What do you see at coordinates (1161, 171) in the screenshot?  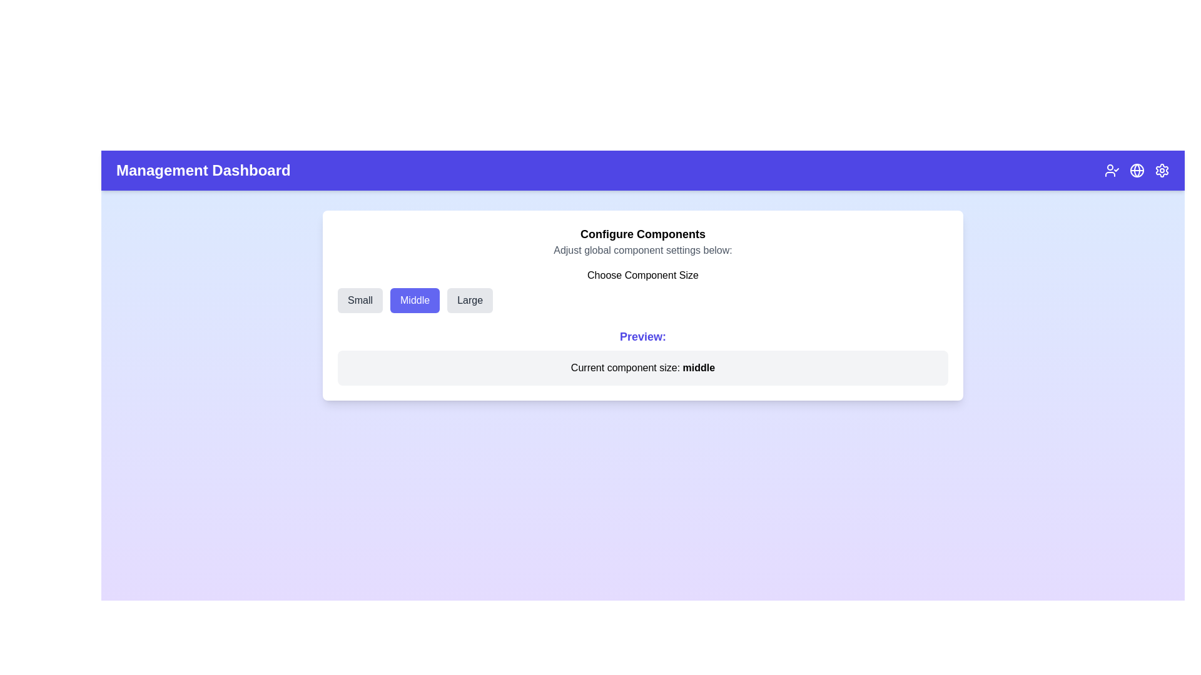 I see `the settings cogwheel icon button located in the top-right corner of the application interface` at bounding box center [1161, 171].